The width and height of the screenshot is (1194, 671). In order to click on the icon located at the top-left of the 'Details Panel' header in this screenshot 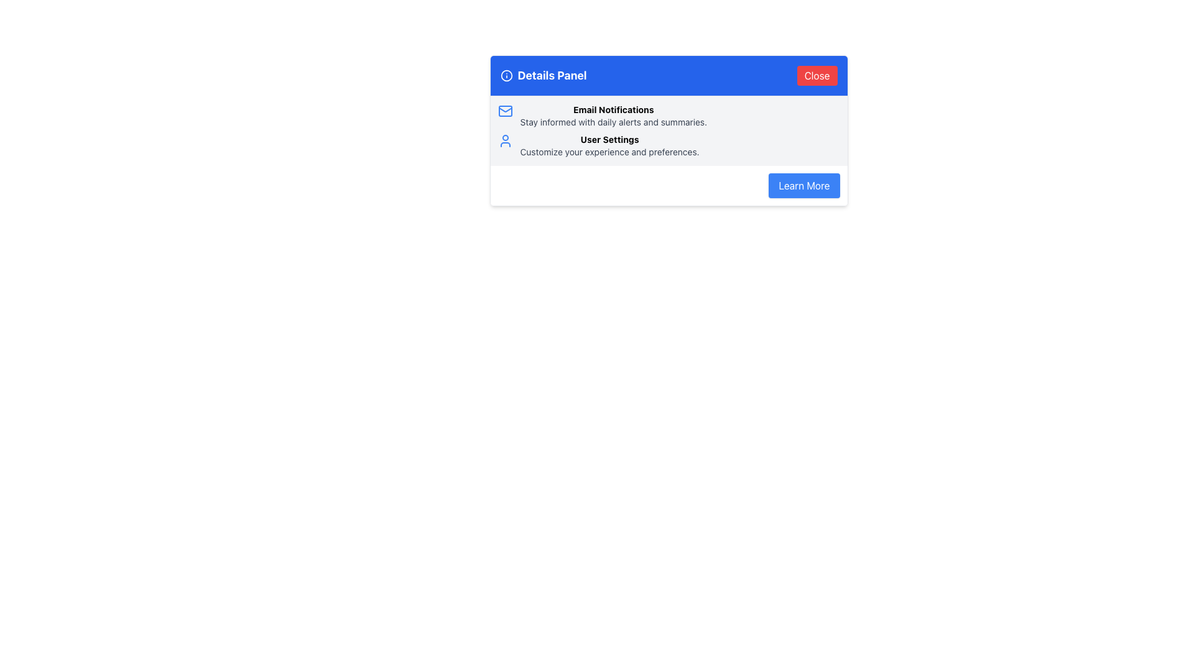, I will do `click(506, 76)`.